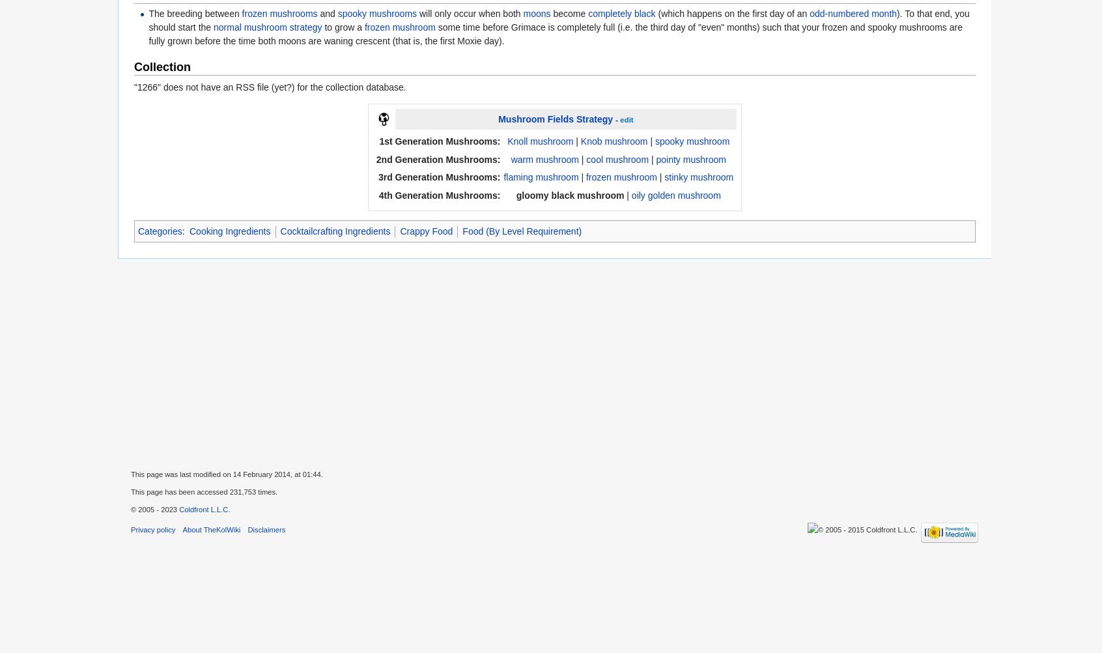 The height and width of the screenshot is (653, 1102). I want to click on 'and', so click(327, 13).